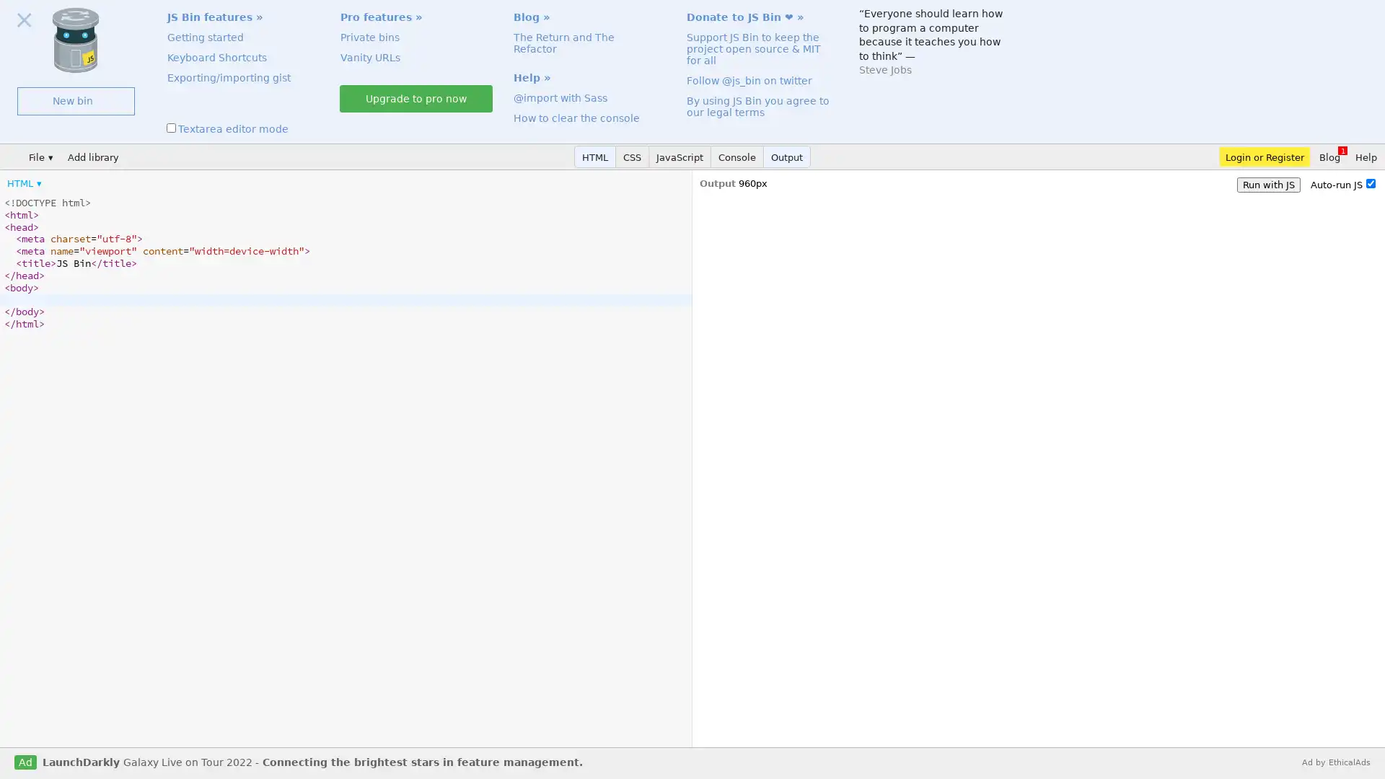 The height and width of the screenshot is (779, 1385). I want to click on CSS Panel: Inactive, so click(633, 157).